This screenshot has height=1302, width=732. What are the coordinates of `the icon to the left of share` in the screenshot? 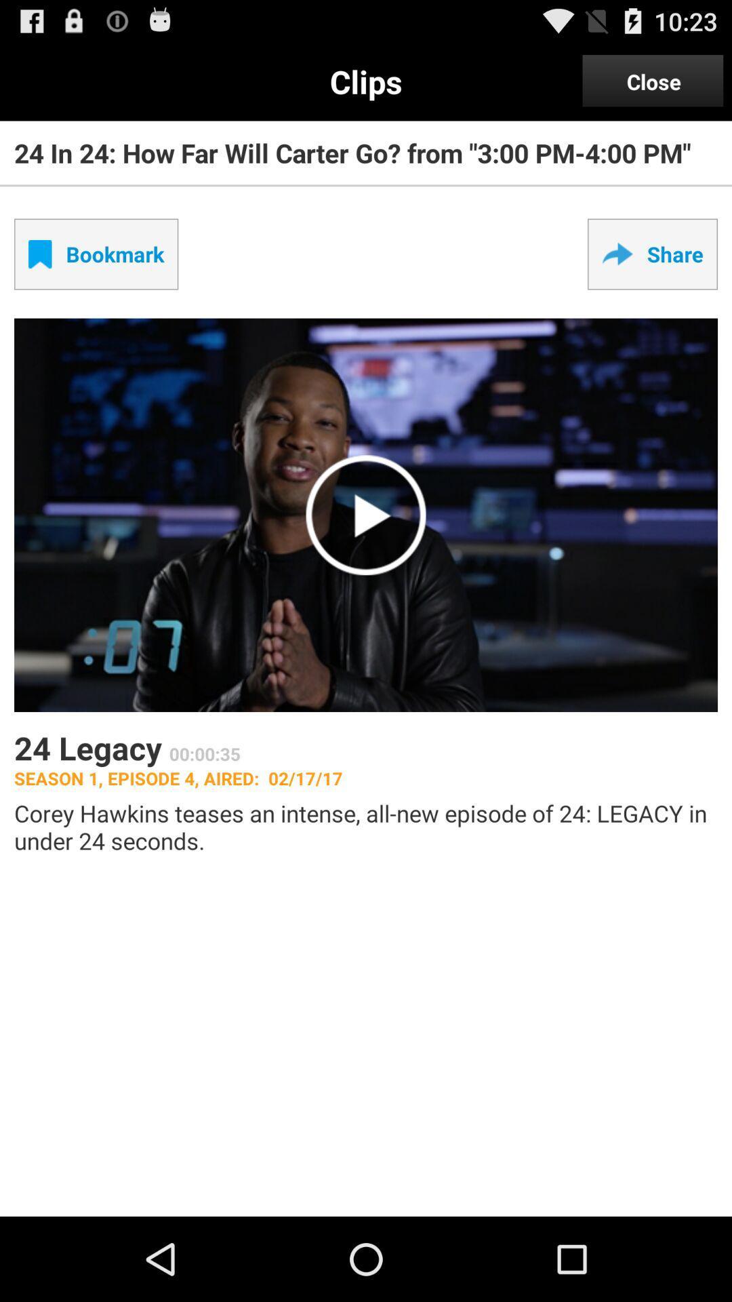 It's located at (96, 254).